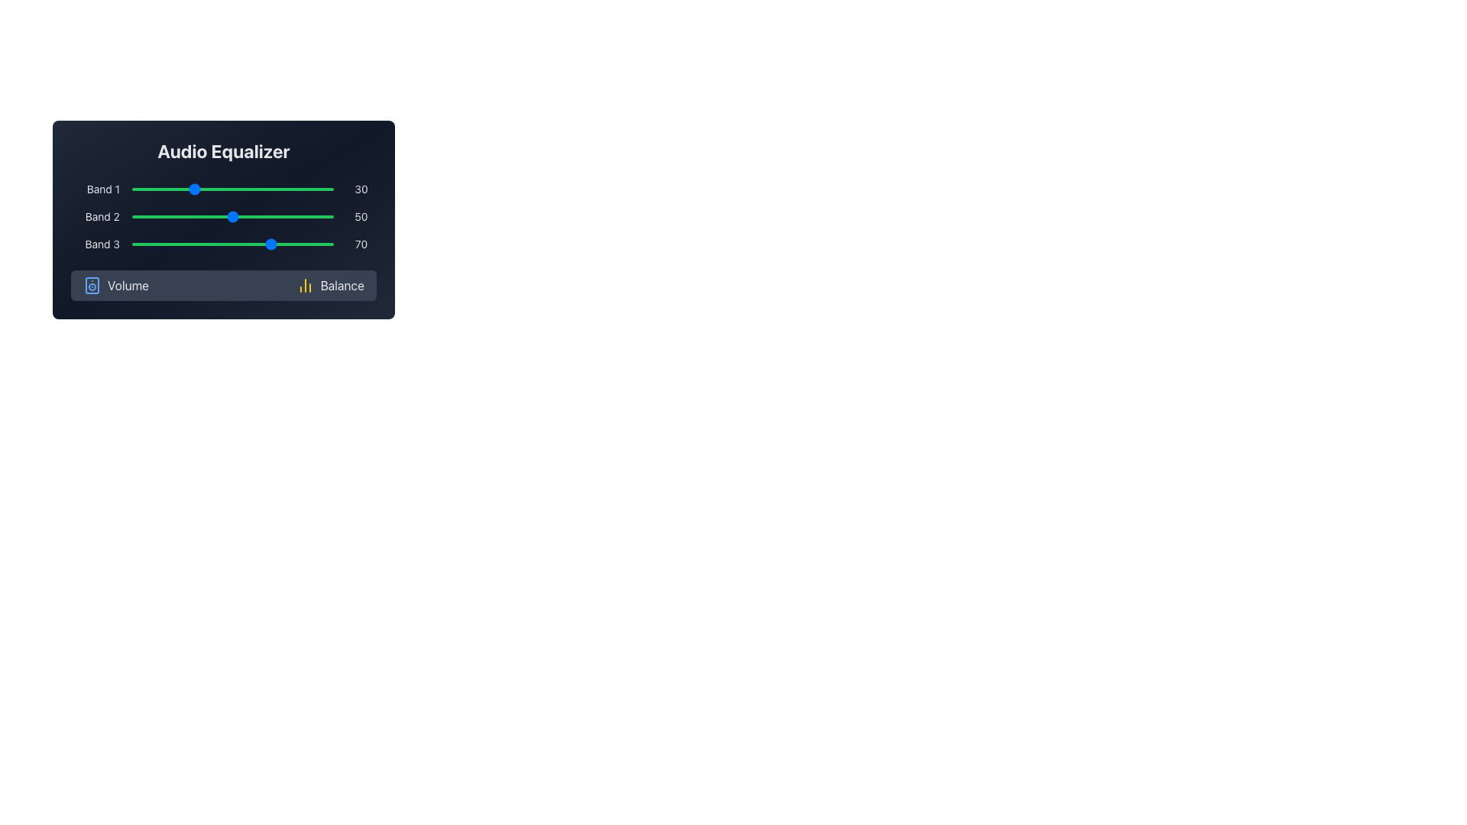 The image size is (1467, 825). I want to click on the 'Band 3' label, which is part of the audio equalizer interface, located below 'Band 2' and above the 'Volume' button, aligned to the right, so click(94, 244).